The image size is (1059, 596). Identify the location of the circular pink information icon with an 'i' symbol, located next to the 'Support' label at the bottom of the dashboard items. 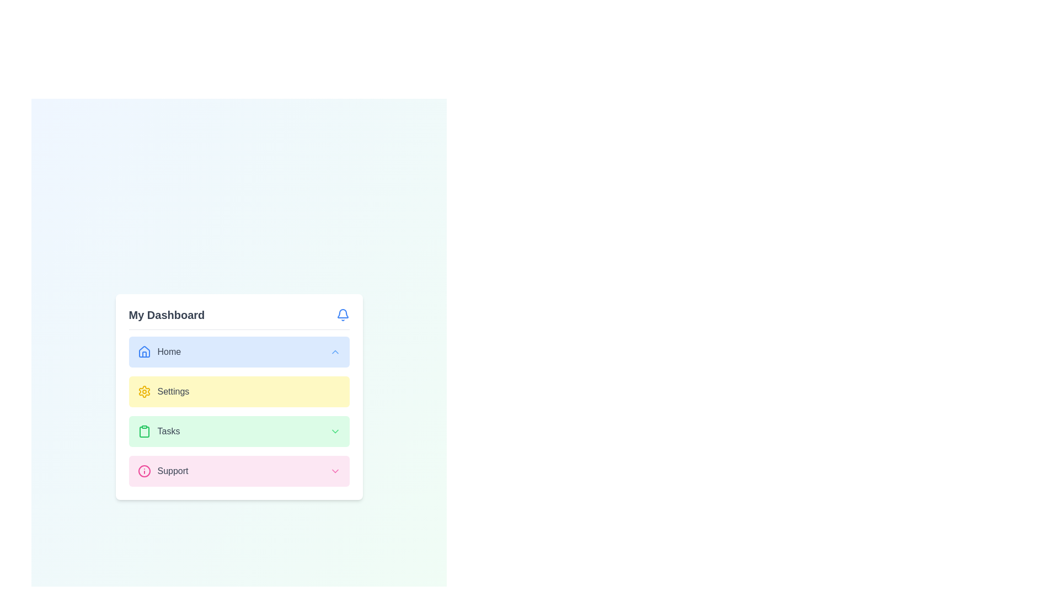
(143, 471).